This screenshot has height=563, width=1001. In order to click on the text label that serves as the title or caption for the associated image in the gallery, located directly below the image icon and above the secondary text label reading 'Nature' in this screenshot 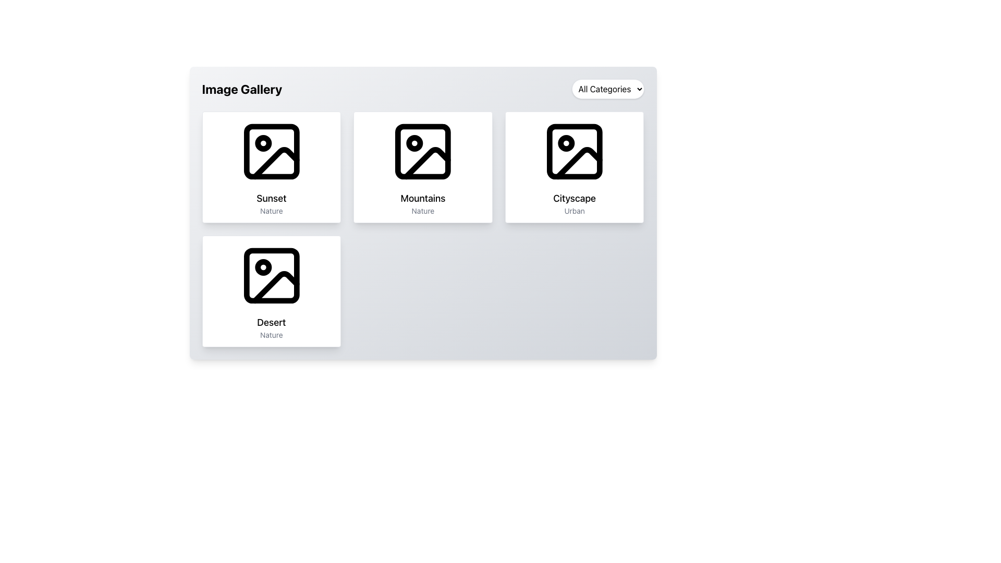, I will do `click(271, 199)`.